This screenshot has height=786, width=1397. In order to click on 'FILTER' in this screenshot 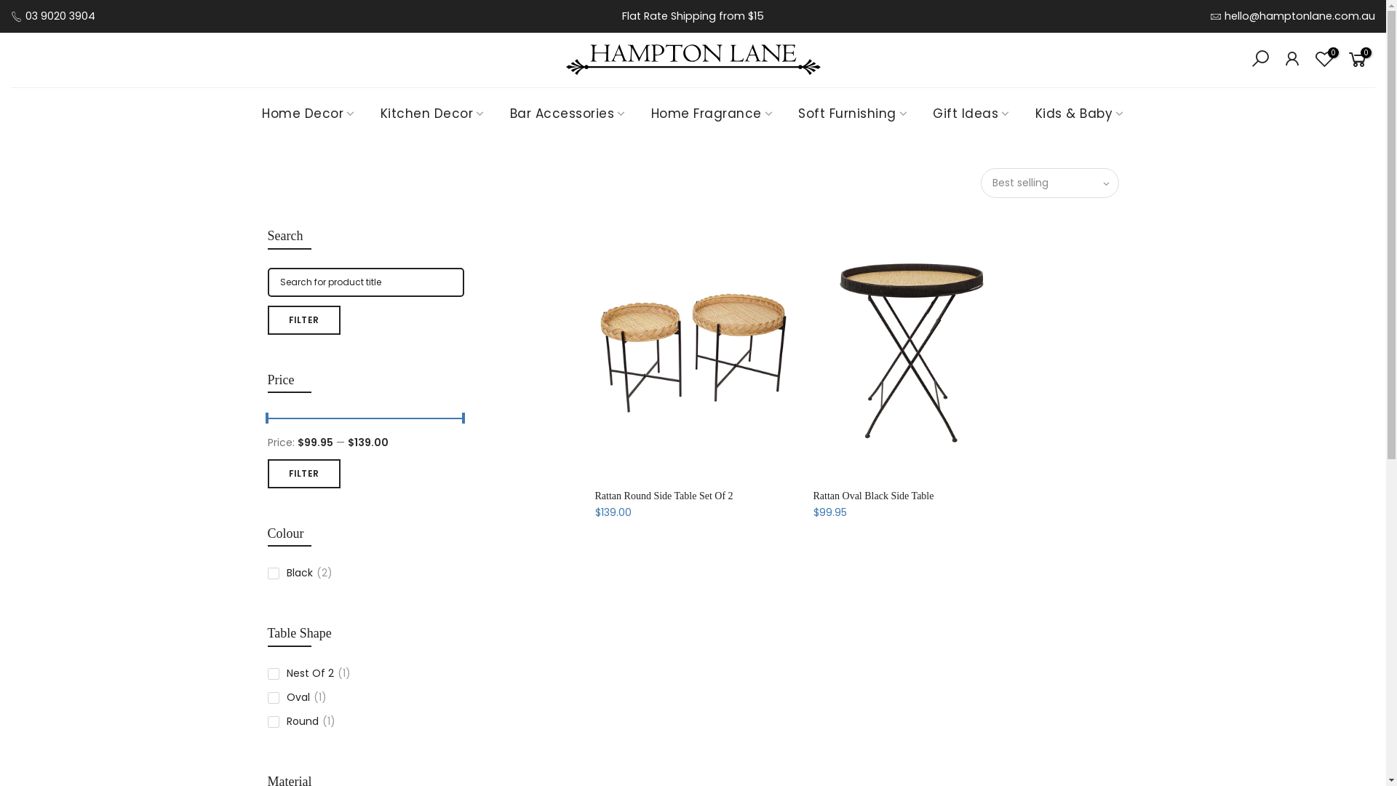, I will do `click(303, 319)`.